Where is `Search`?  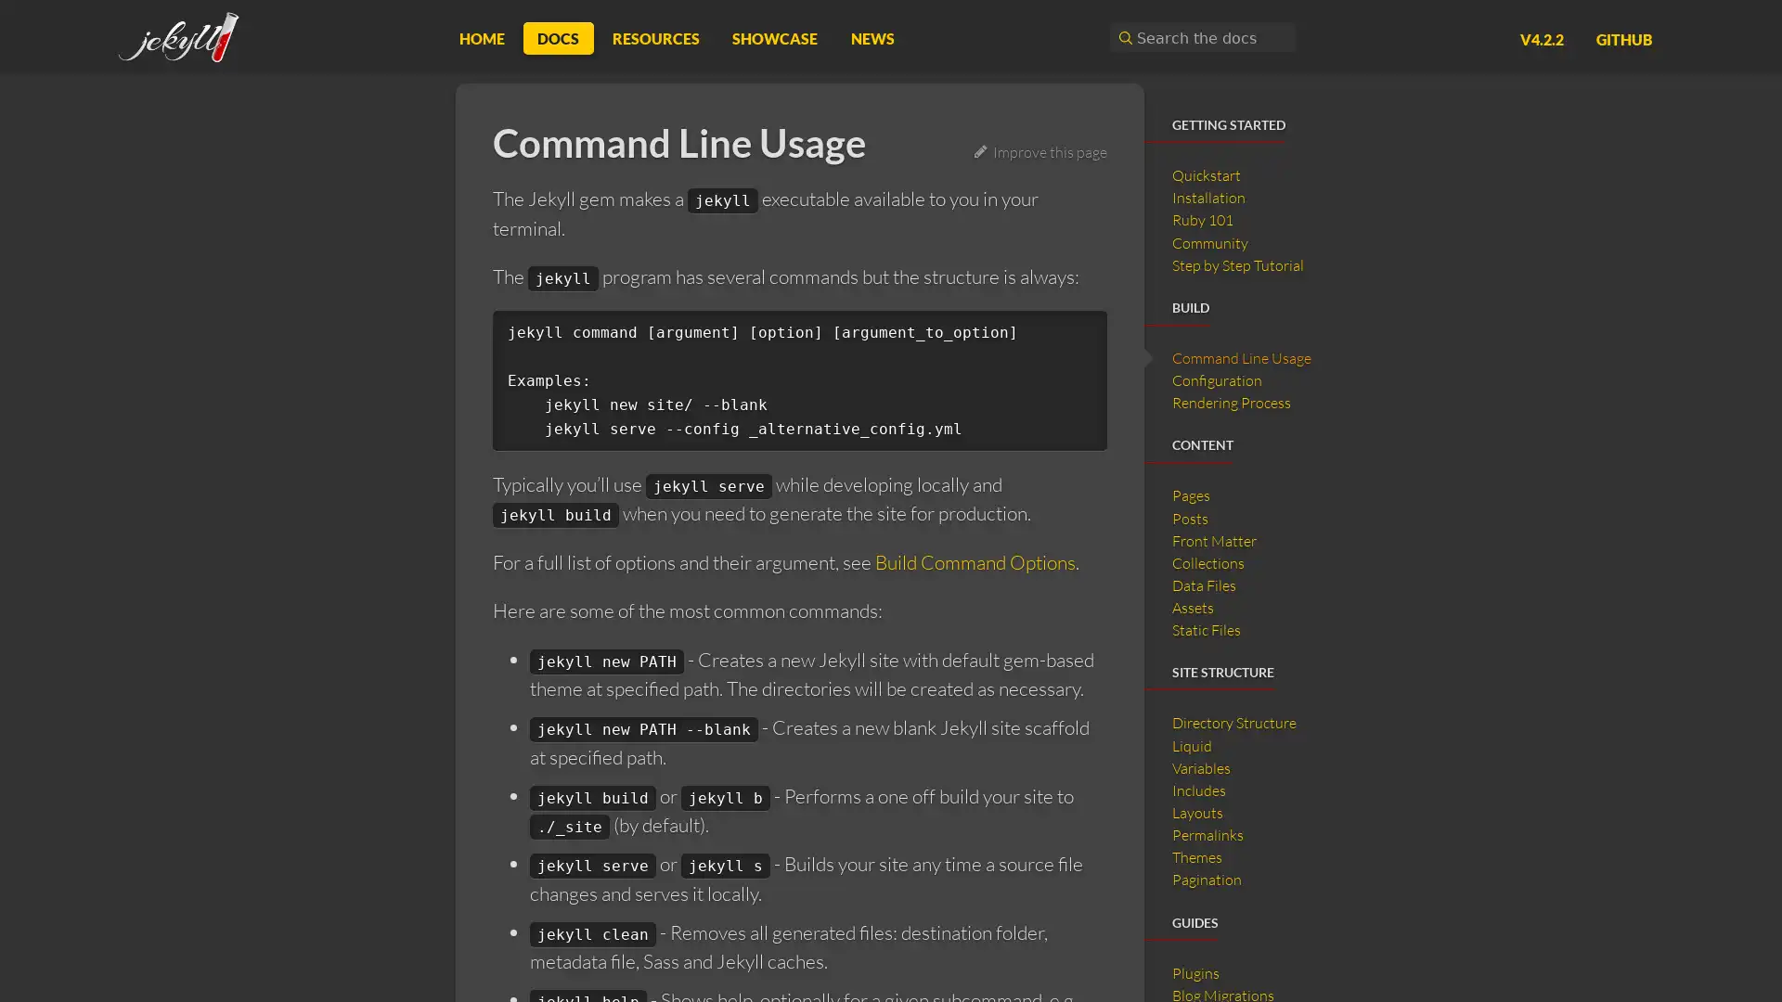 Search is located at coordinates (1122, 37).